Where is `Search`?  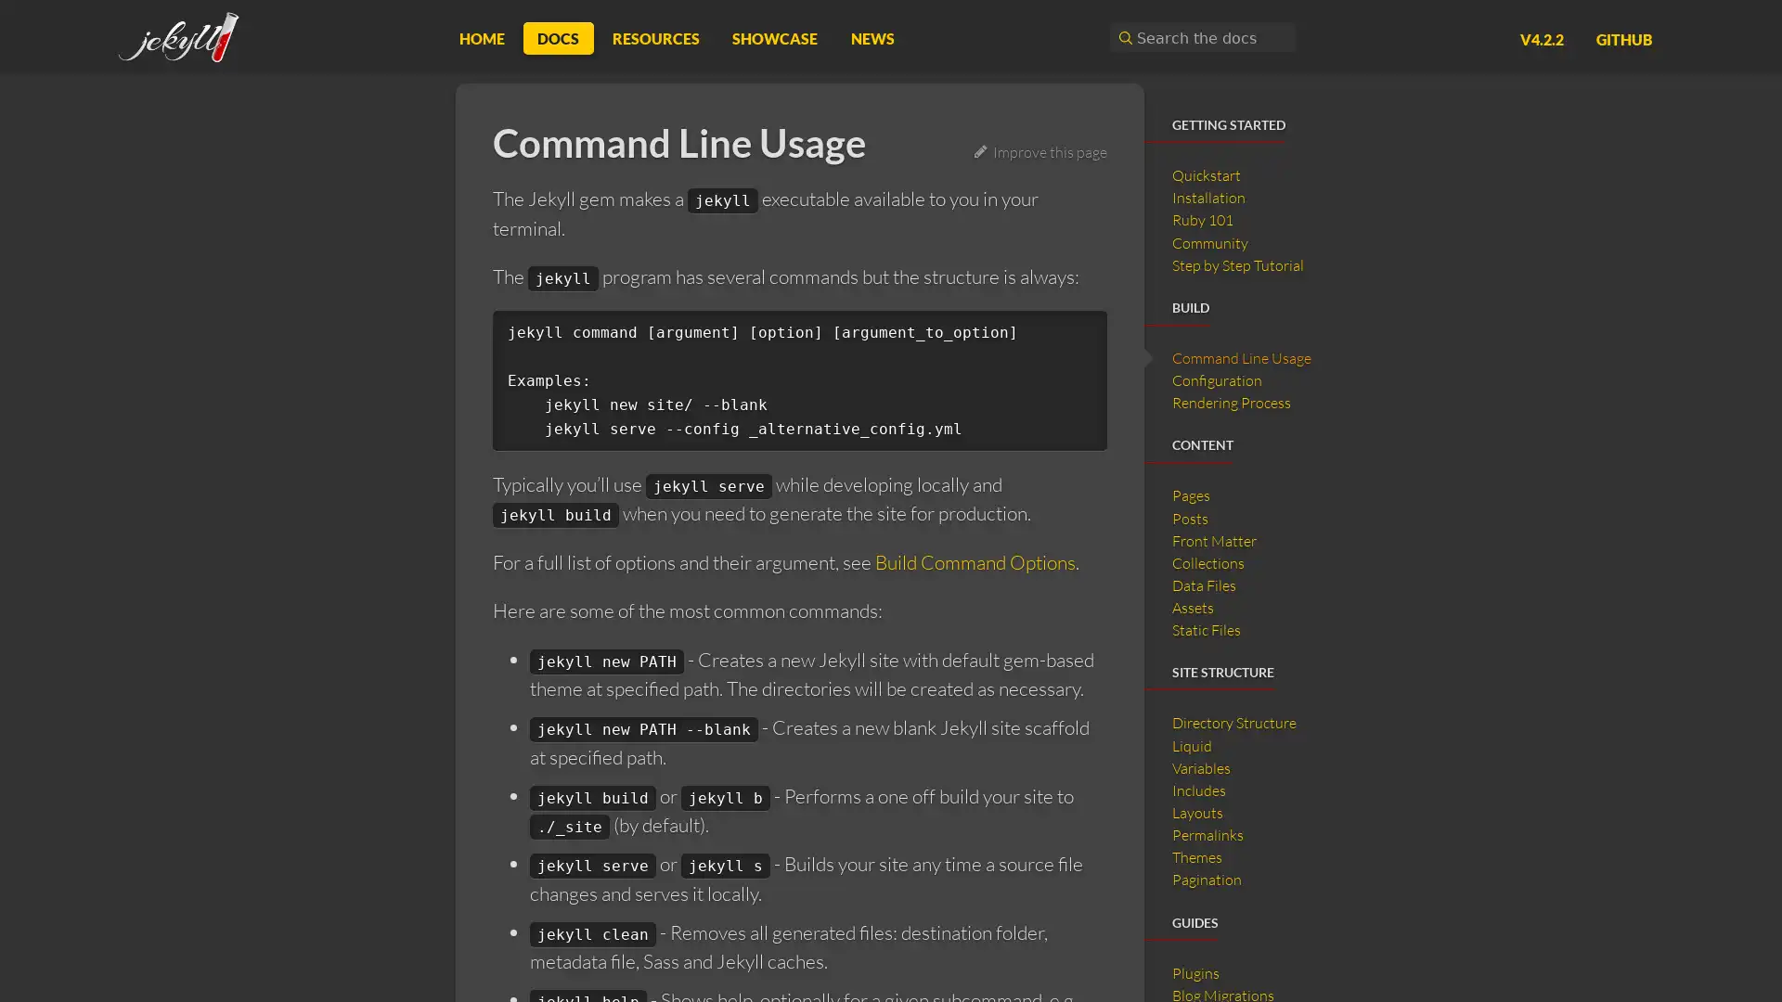 Search is located at coordinates (1122, 37).